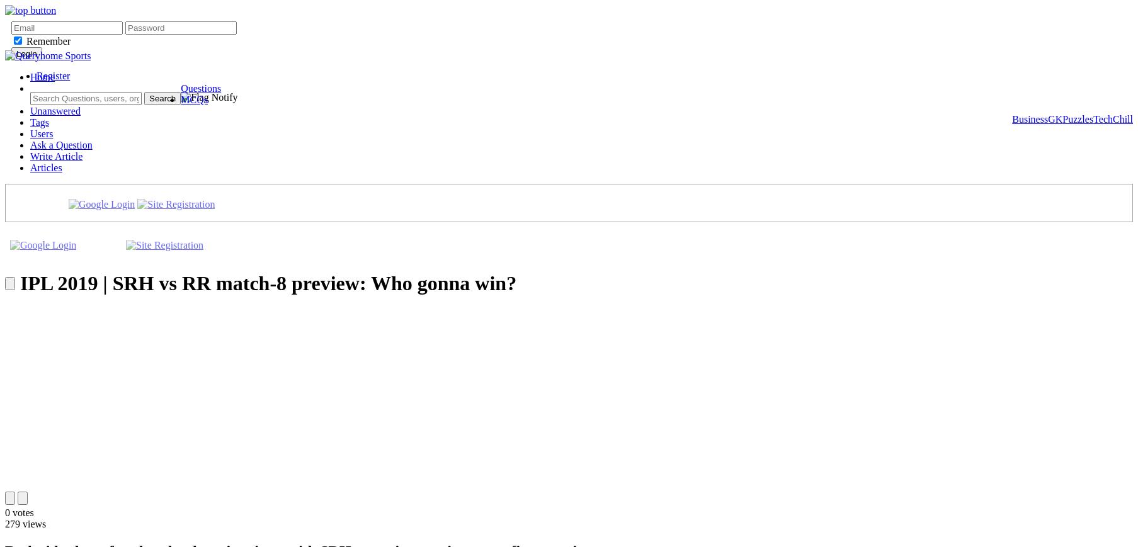 This screenshot has width=1138, height=547. I want to click on 'Home', so click(42, 76).